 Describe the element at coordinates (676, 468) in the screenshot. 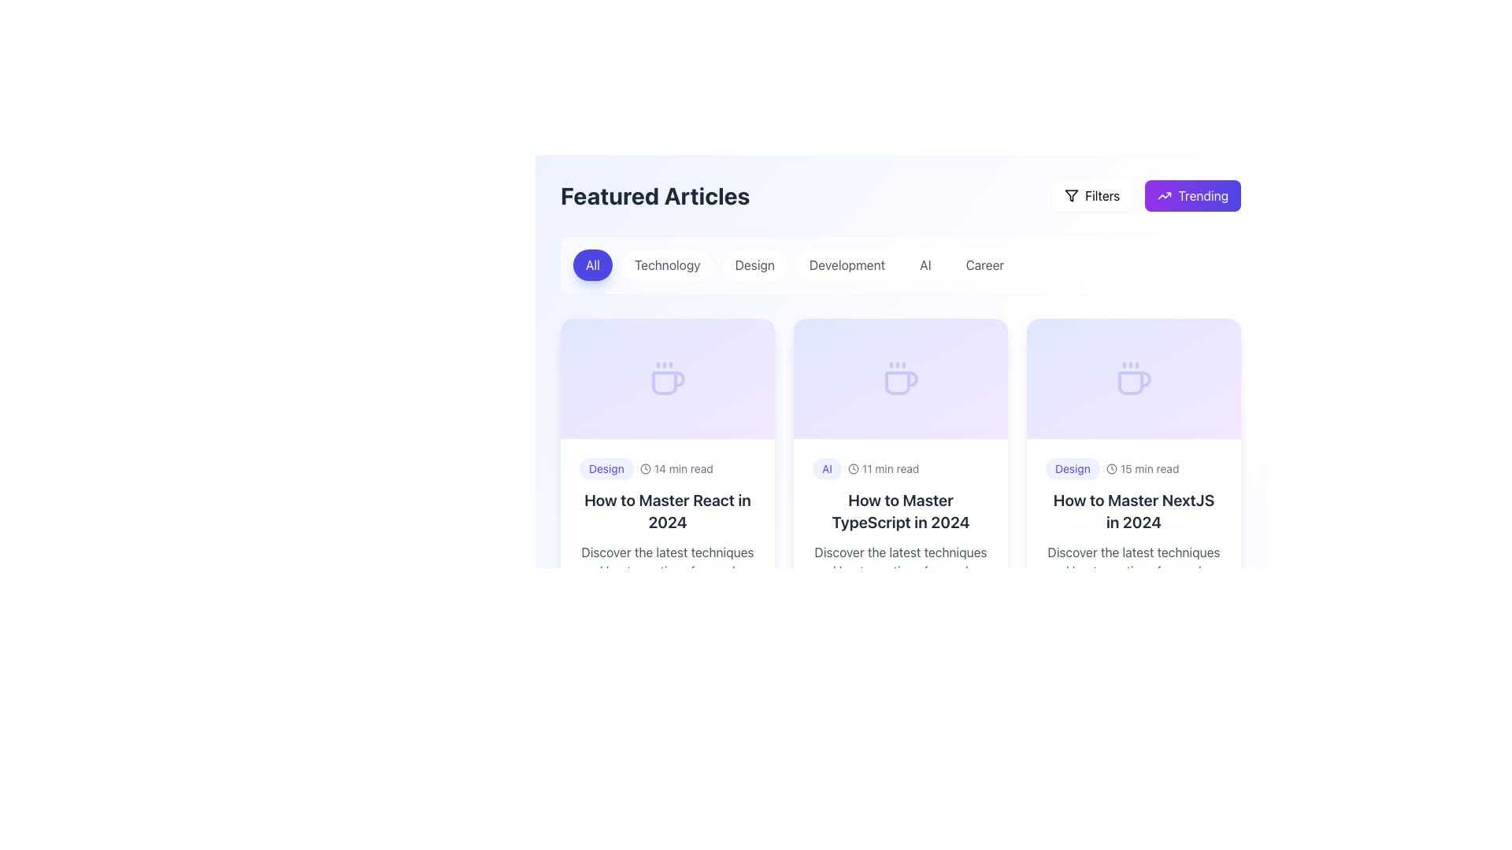

I see `the estimated reading time text element with an adjacent icon, positioned below the 'Design' label and above the article title, to potentially reveal a tooltip` at that location.